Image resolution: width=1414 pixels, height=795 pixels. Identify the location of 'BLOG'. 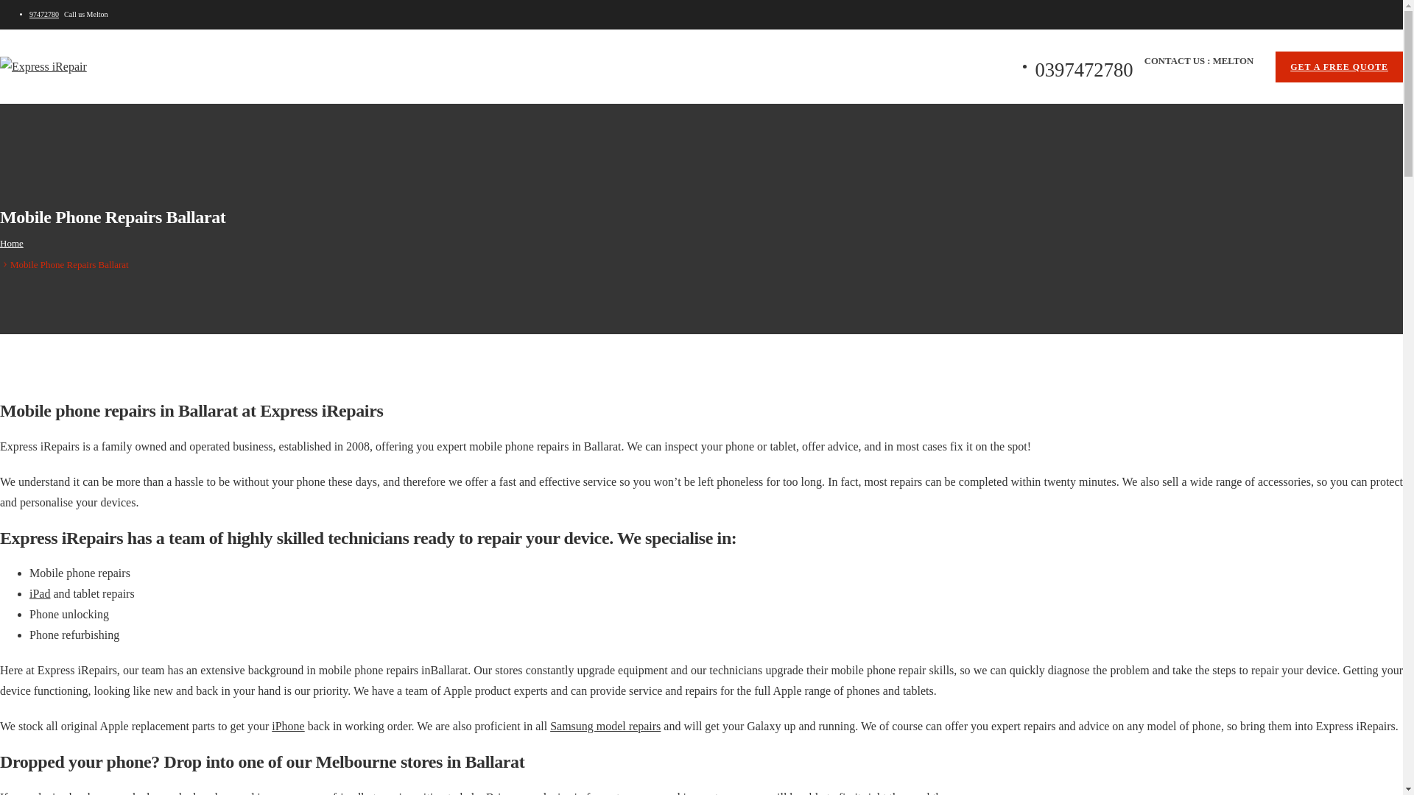
(348, 124).